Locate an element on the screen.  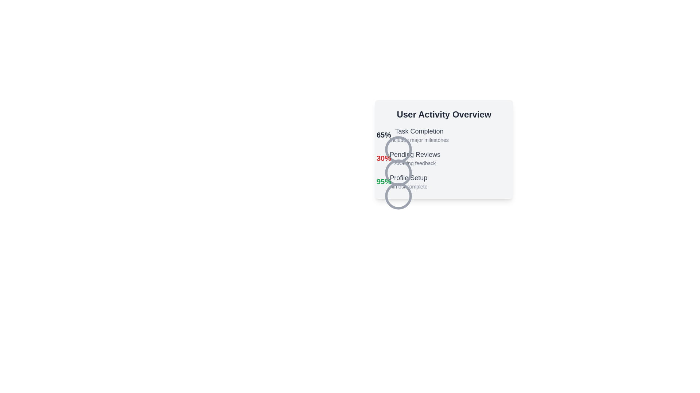
the circular icon (SVG) located in the 'Pending Reviews' section, which indicates the status of '30% Pending Reviews' is located at coordinates (398, 149).